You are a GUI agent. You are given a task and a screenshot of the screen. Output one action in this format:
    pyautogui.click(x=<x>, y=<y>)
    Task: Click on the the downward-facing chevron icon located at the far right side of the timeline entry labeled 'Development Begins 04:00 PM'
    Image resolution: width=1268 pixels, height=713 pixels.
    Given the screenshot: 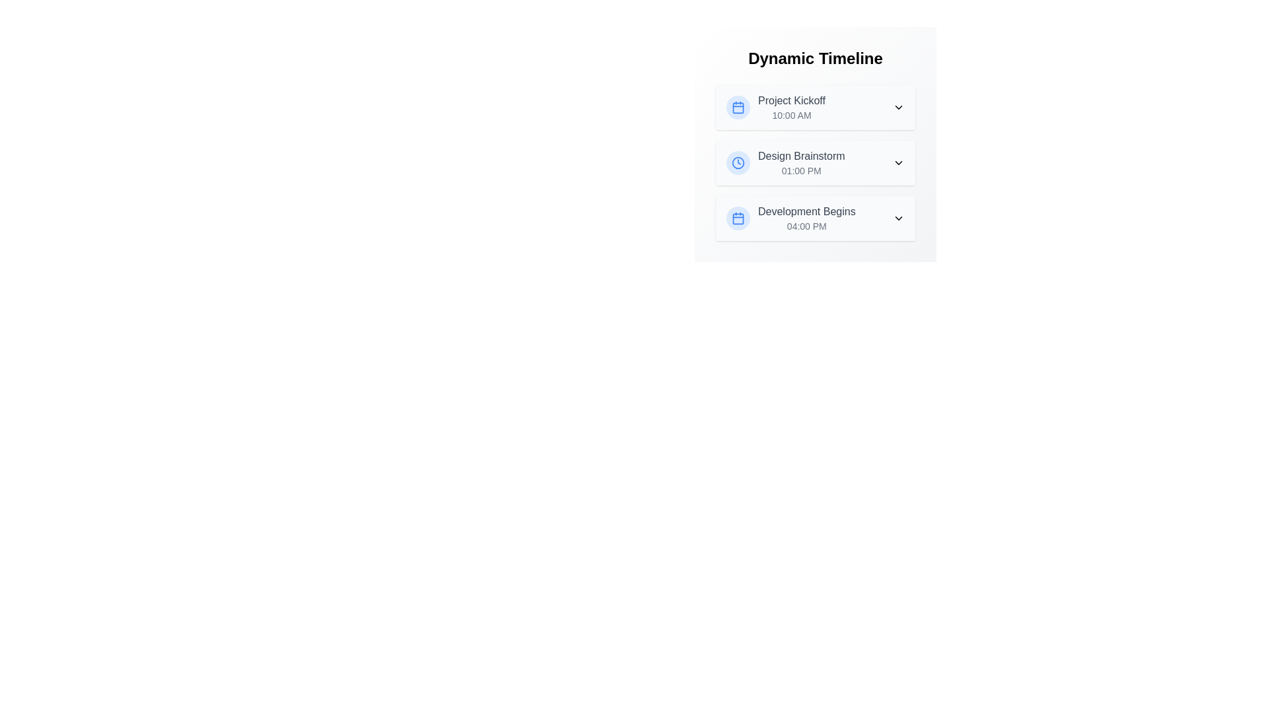 What is the action you would take?
    pyautogui.click(x=898, y=218)
    